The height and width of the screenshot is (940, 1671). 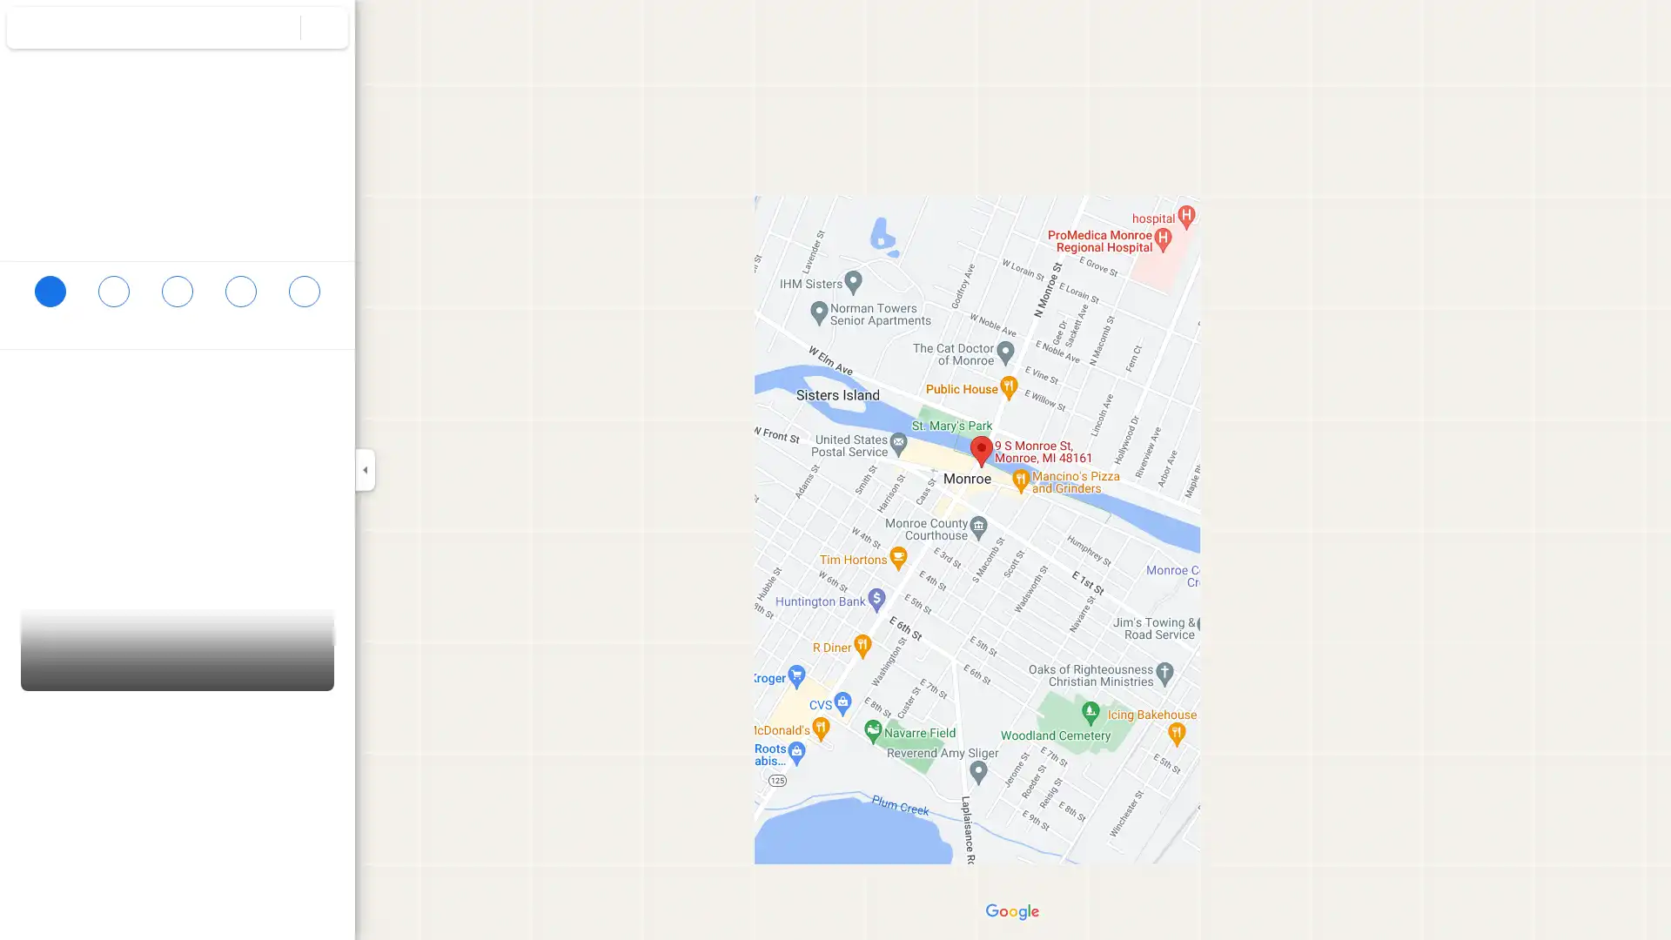 I want to click on Share 9 S Monroe St, so click(x=304, y=298).